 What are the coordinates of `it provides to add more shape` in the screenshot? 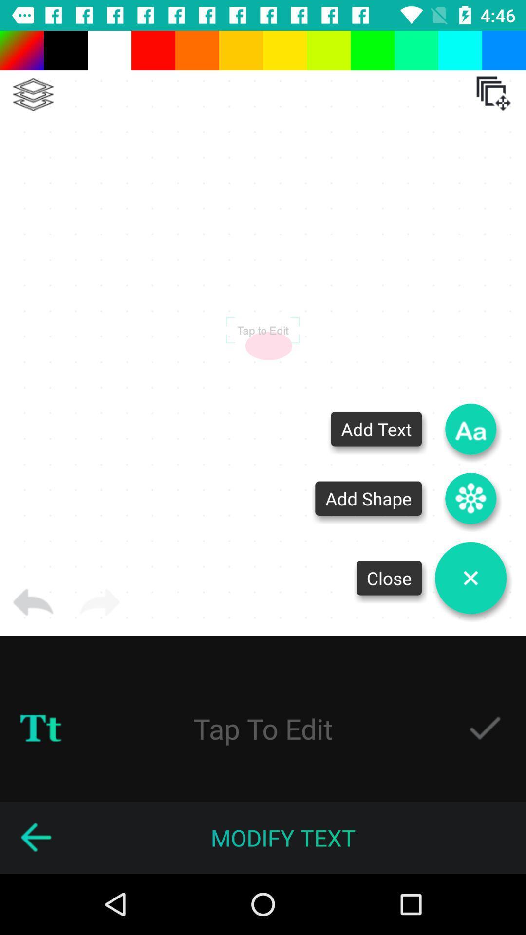 It's located at (470, 498).